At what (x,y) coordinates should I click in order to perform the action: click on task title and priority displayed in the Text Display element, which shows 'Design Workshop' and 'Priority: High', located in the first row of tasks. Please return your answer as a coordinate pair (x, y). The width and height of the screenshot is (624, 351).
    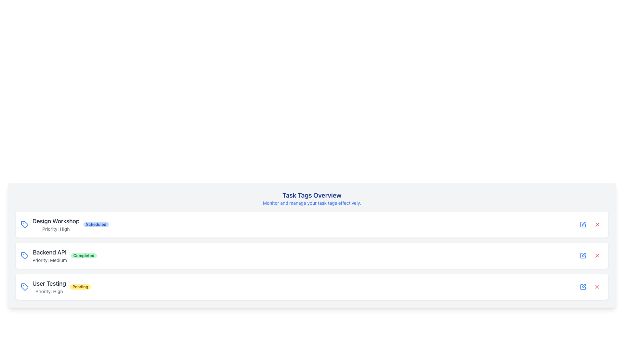
    Looking at the image, I should click on (56, 224).